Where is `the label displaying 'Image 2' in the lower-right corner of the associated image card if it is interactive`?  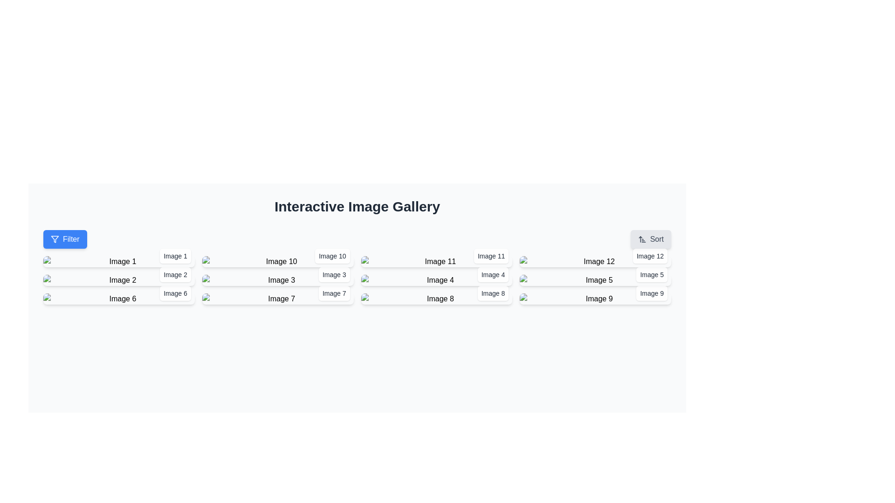
the label displaying 'Image 2' in the lower-right corner of the associated image card if it is interactive is located at coordinates (175, 274).